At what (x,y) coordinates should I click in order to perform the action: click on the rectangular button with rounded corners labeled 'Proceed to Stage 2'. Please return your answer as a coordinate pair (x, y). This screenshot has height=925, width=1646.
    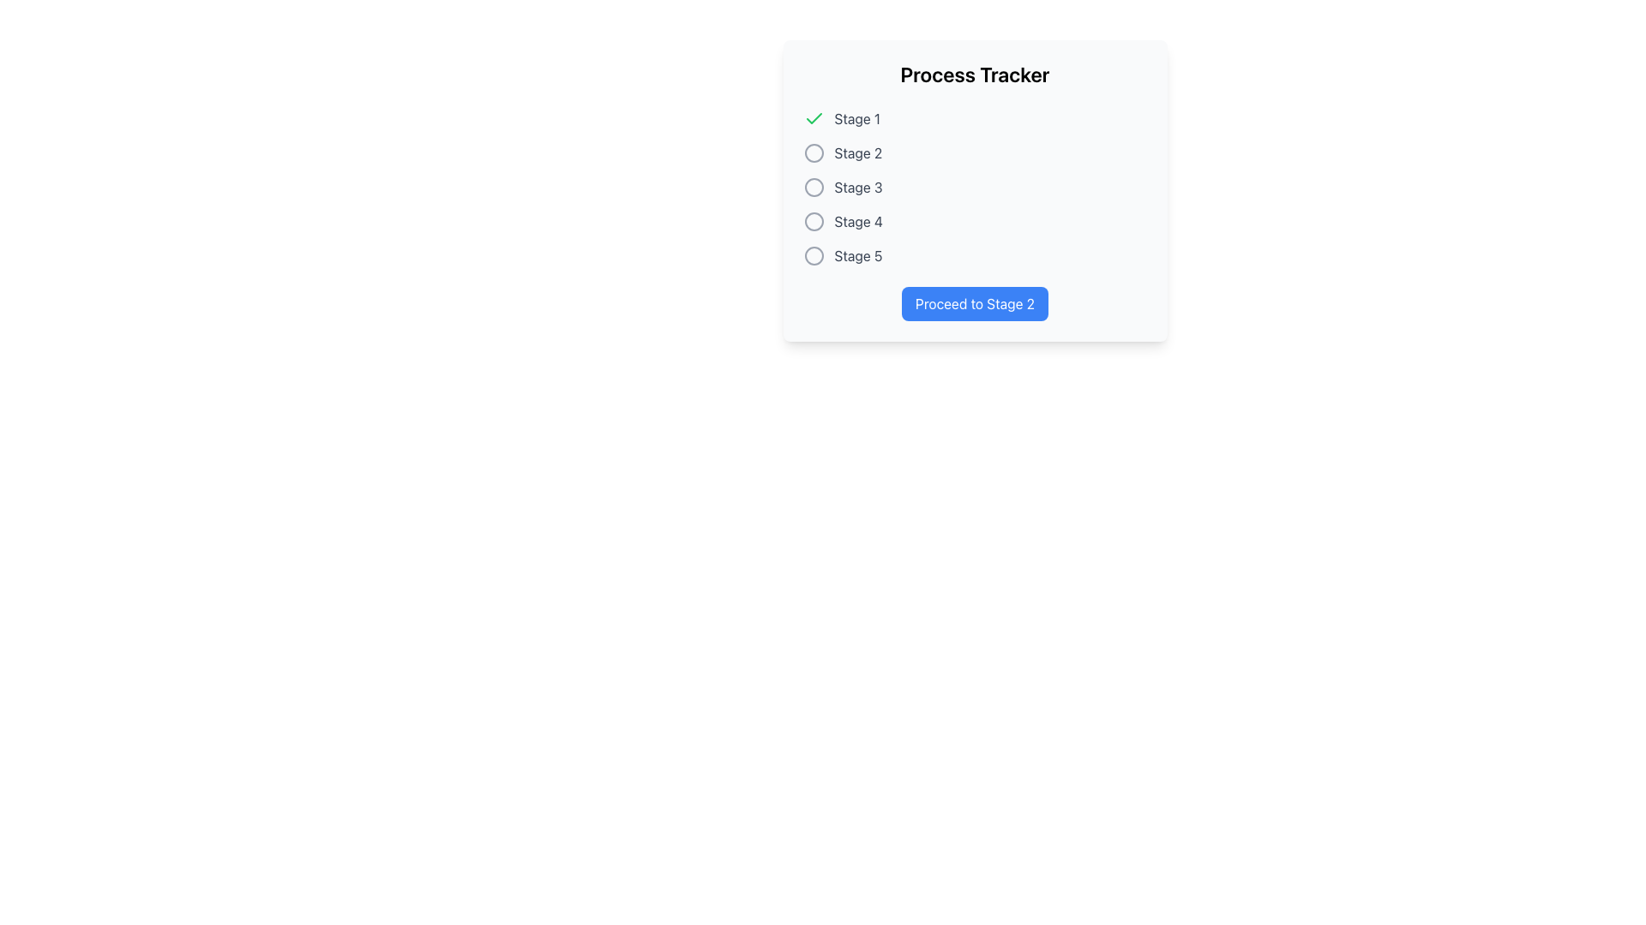
    Looking at the image, I should click on (975, 302).